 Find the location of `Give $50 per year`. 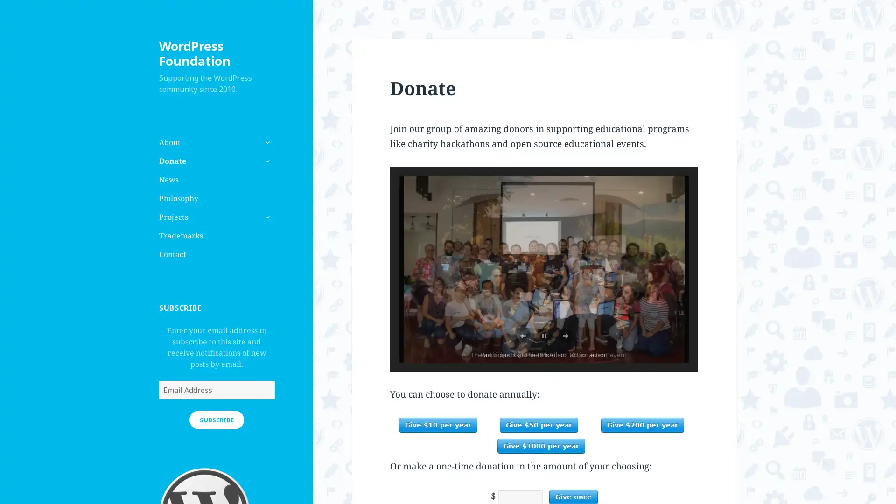

Give $50 per year is located at coordinates (539, 425).